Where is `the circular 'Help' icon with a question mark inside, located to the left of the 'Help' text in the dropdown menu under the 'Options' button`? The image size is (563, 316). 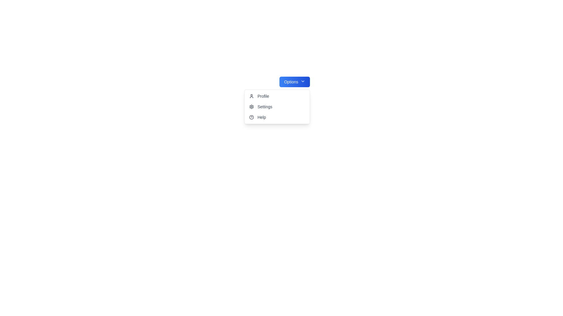 the circular 'Help' icon with a question mark inside, located to the left of the 'Help' text in the dropdown menu under the 'Options' button is located at coordinates (252, 117).